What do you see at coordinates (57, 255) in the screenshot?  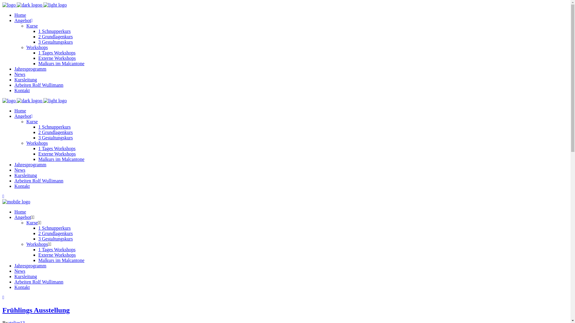 I see `'Externe Workshops'` at bounding box center [57, 255].